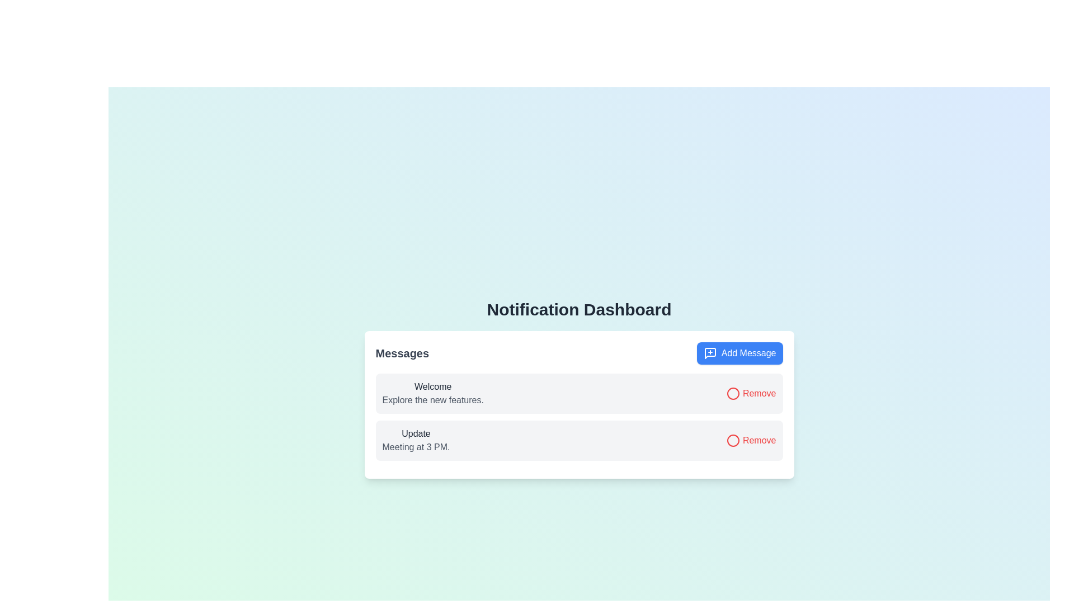 This screenshot has width=1074, height=604. What do you see at coordinates (416, 440) in the screenshot?
I see `notification message displayed in the text block located in the second row of messages, below the entry labeled 'Welcome Explore the new features.'` at bounding box center [416, 440].